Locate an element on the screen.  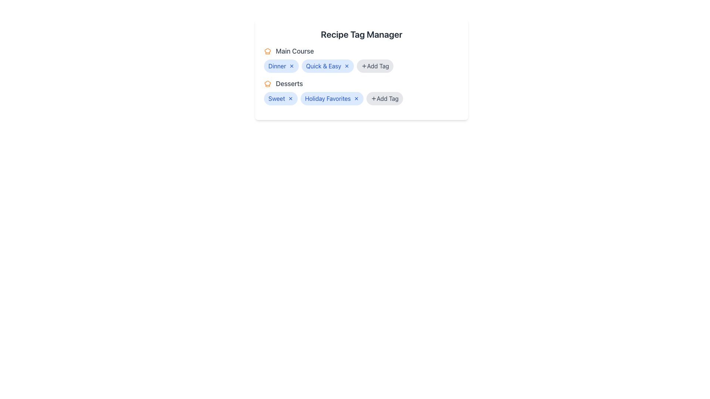
the small blue circular icon with a cross ('×') inside it, located to the right of the 'Quick & Easy' text is located at coordinates (346, 65).